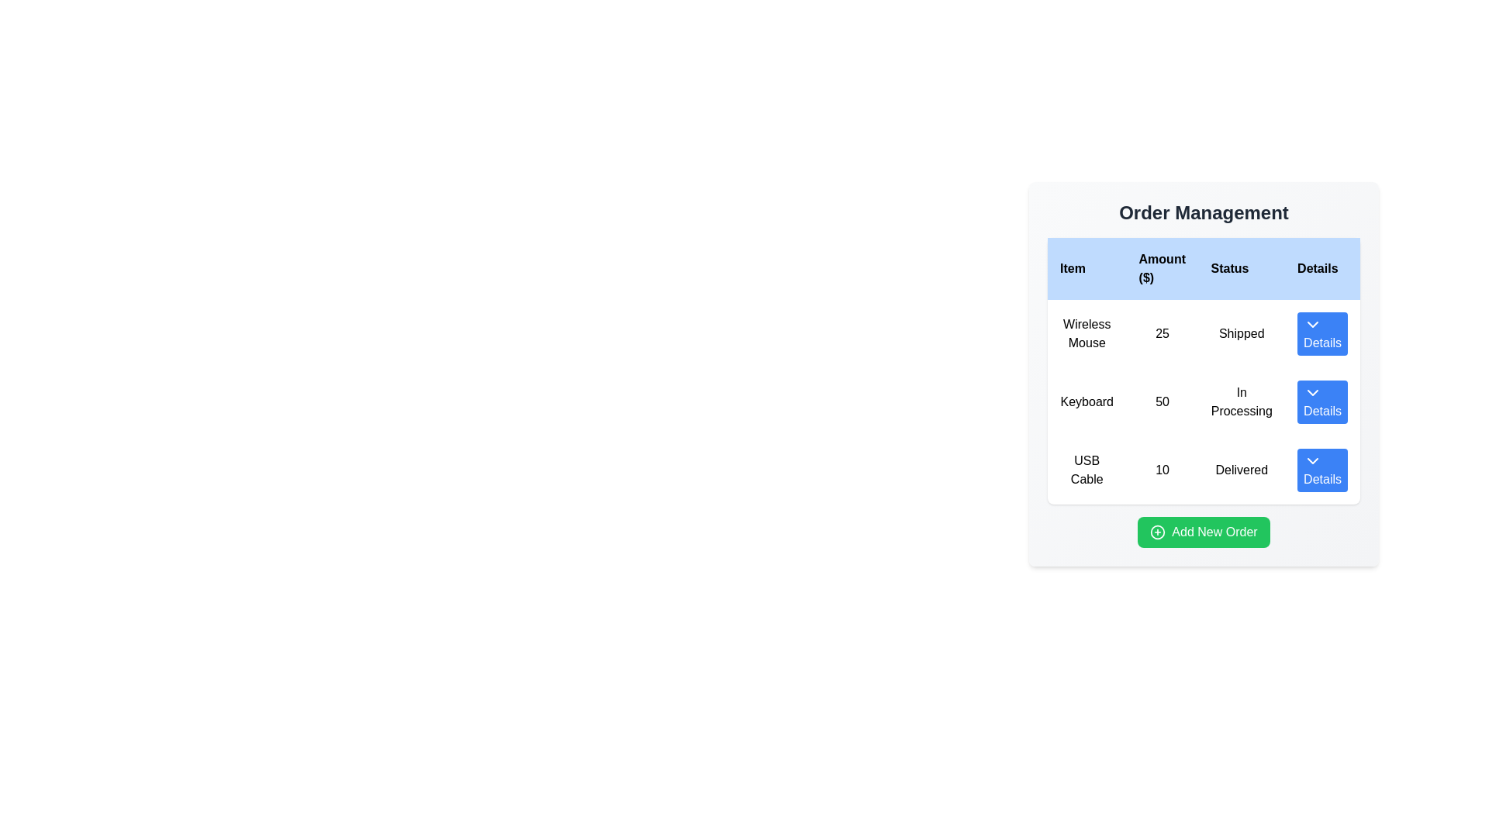 The height and width of the screenshot is (837, 1489). I want to click on the green button labeled 'Add New Order', so click(1203, 531).